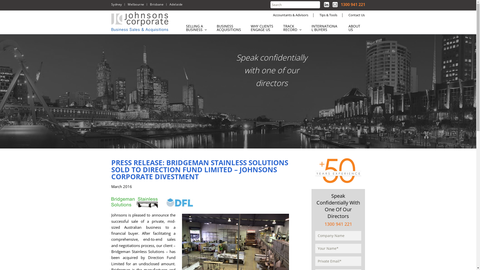  Describe the element at coordinates (352, 4) in the screenshot. I see `'1300 941 221'` at that location.